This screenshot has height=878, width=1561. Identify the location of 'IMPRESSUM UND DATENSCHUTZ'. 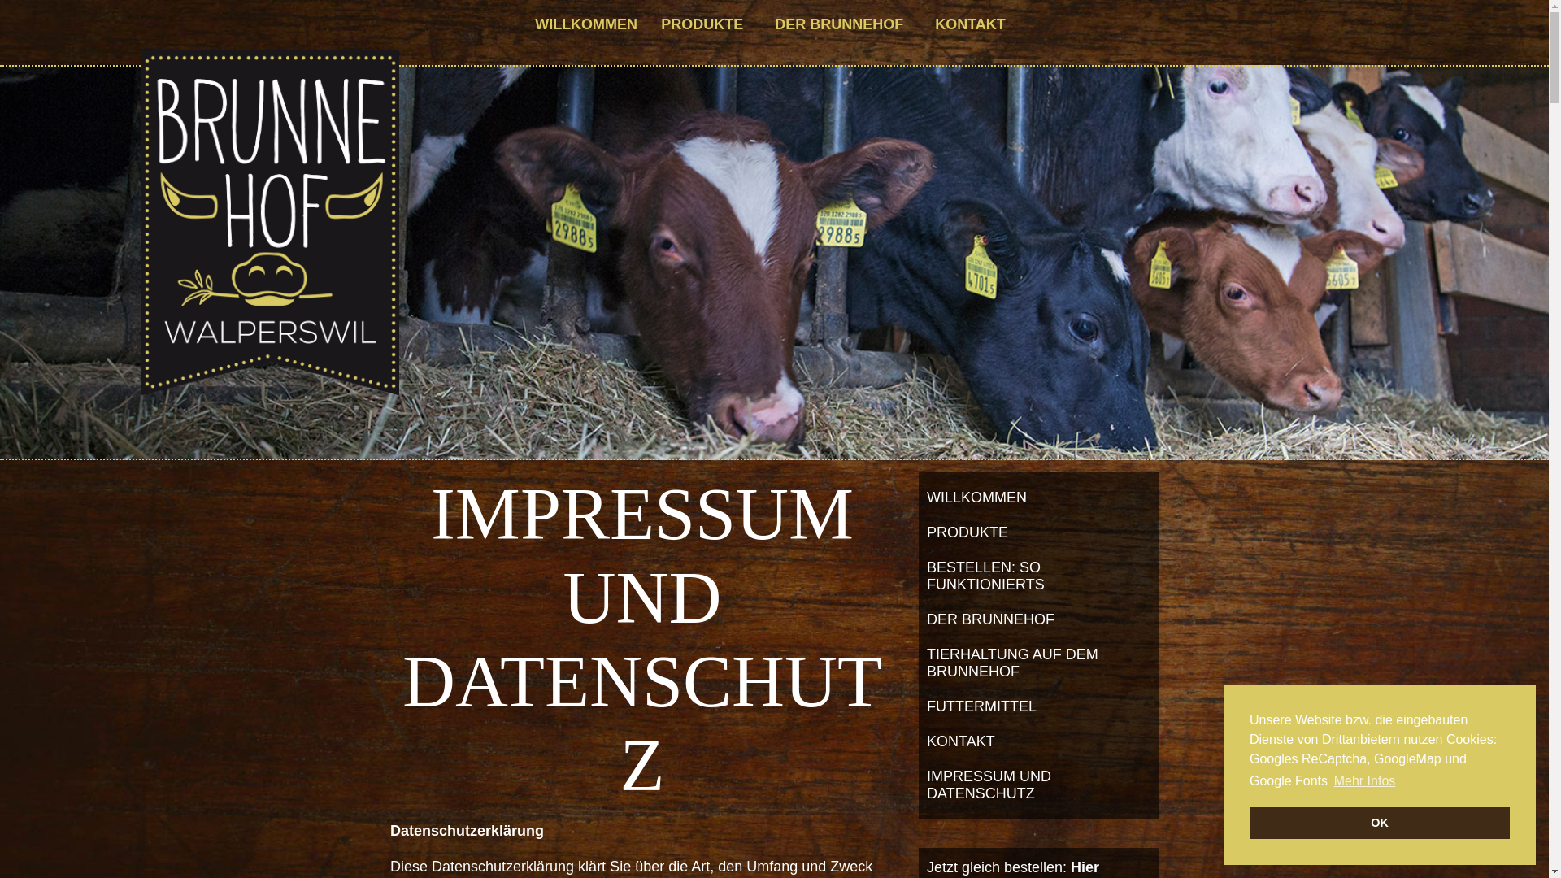
(1037, 784).